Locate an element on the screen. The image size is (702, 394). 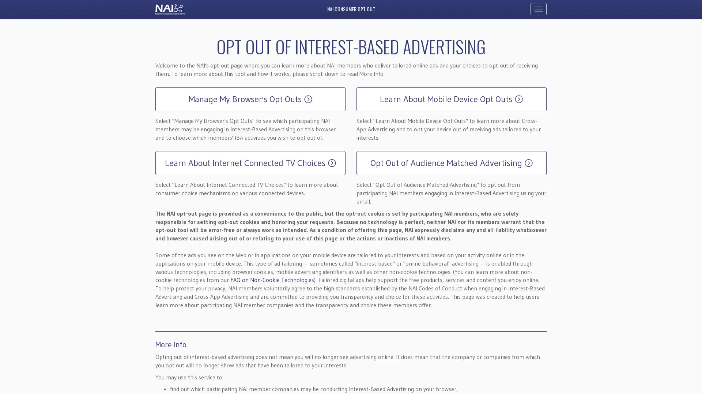
Manage My Browser's Opt Outs is located at coordinates (250, 99).